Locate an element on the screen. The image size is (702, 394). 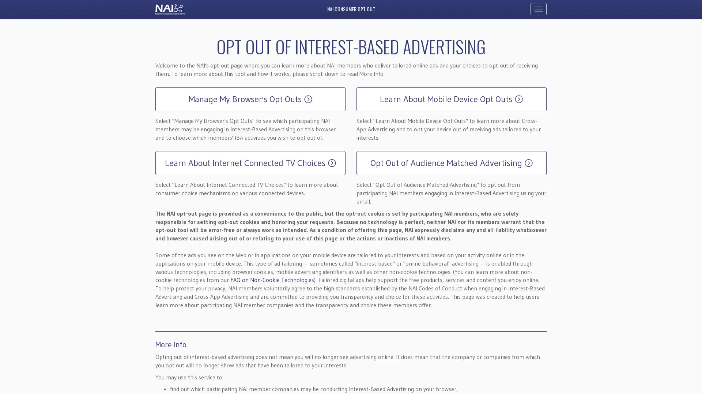
Manage My Browser's Opt Outs is located at coordinates (250, 99).